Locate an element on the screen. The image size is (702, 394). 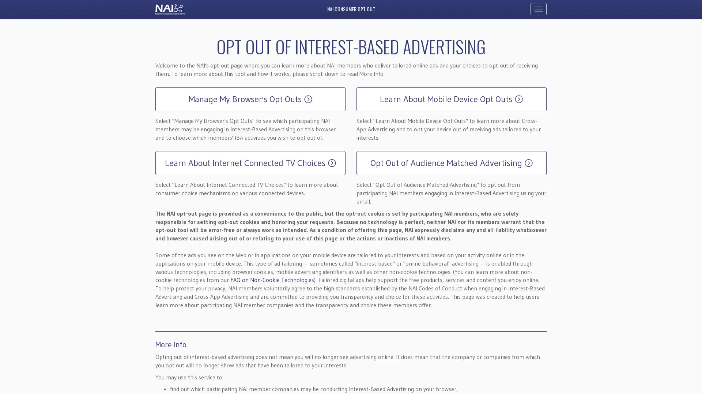
Manage My Browser's Opt Outs is located at coordinates (250, 99).